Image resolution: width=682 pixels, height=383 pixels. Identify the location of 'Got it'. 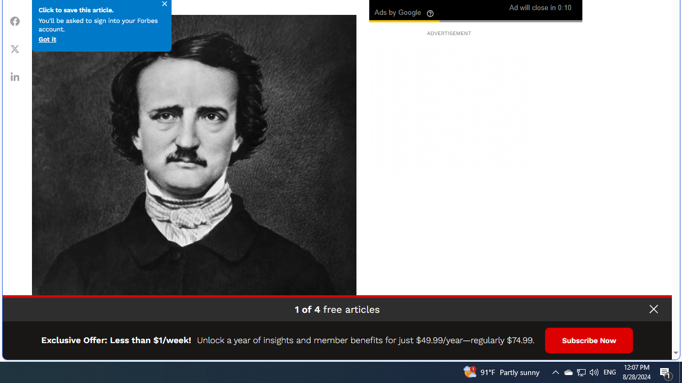
(46, 38).